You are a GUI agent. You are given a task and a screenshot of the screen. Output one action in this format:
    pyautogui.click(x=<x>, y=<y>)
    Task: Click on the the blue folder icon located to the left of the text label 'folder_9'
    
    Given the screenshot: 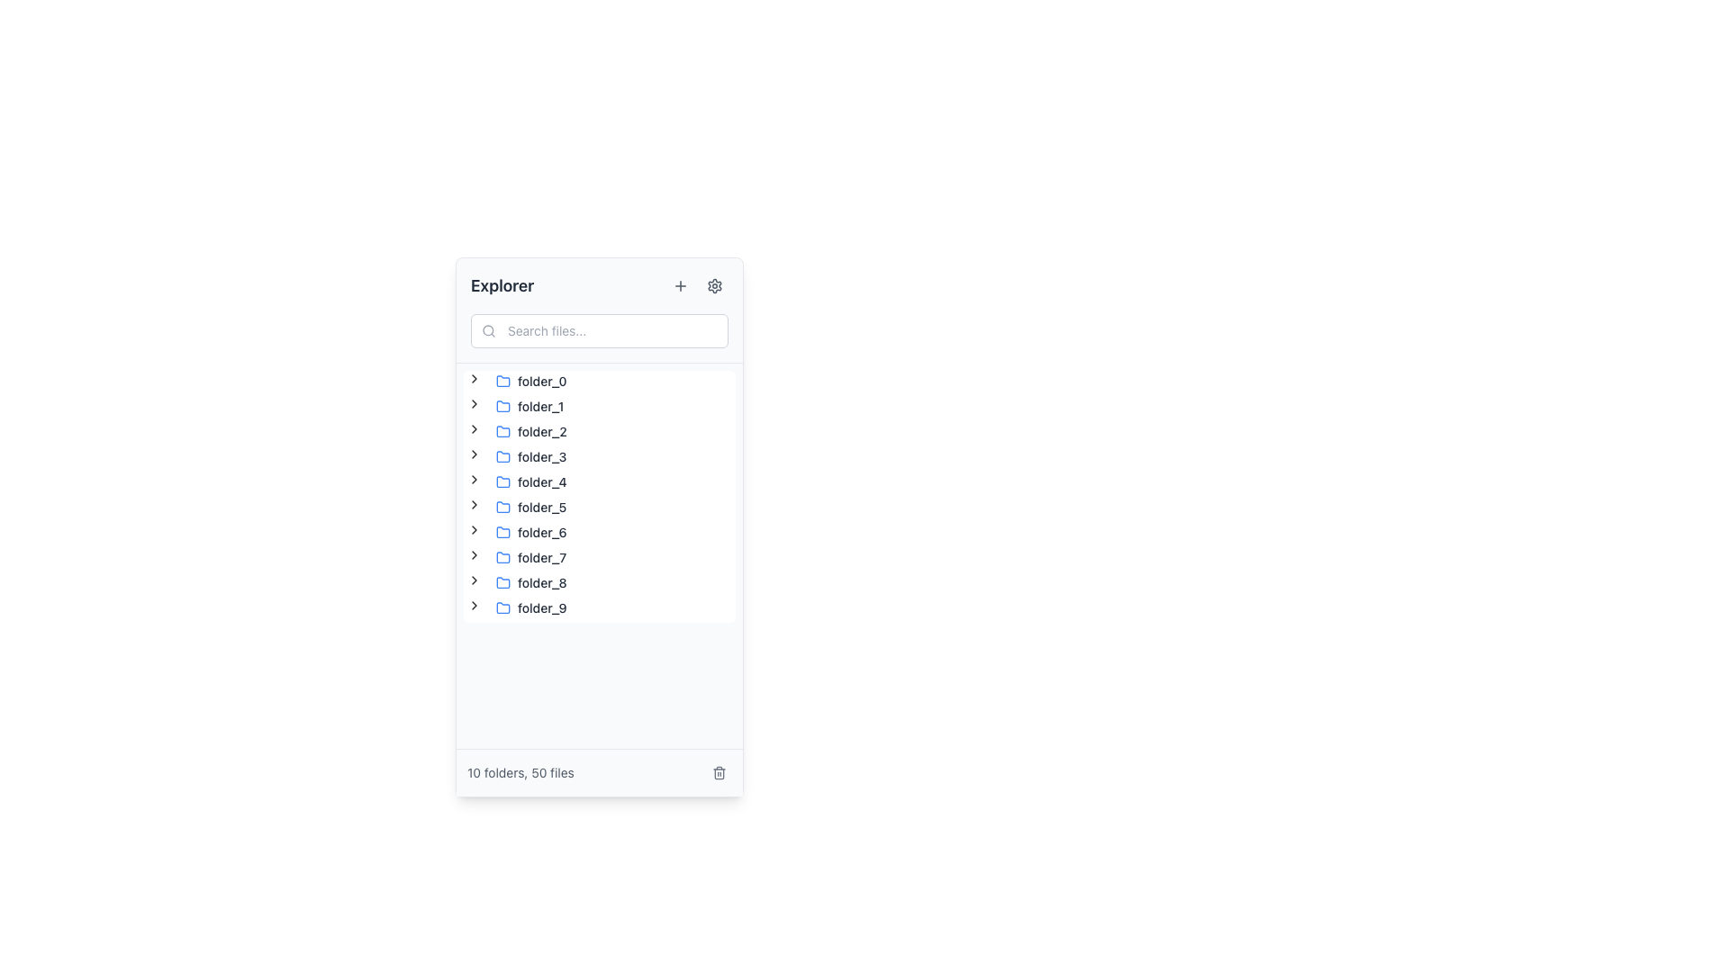 What is the action you would take?
    pyautogui.click(x=502, y=607)
    